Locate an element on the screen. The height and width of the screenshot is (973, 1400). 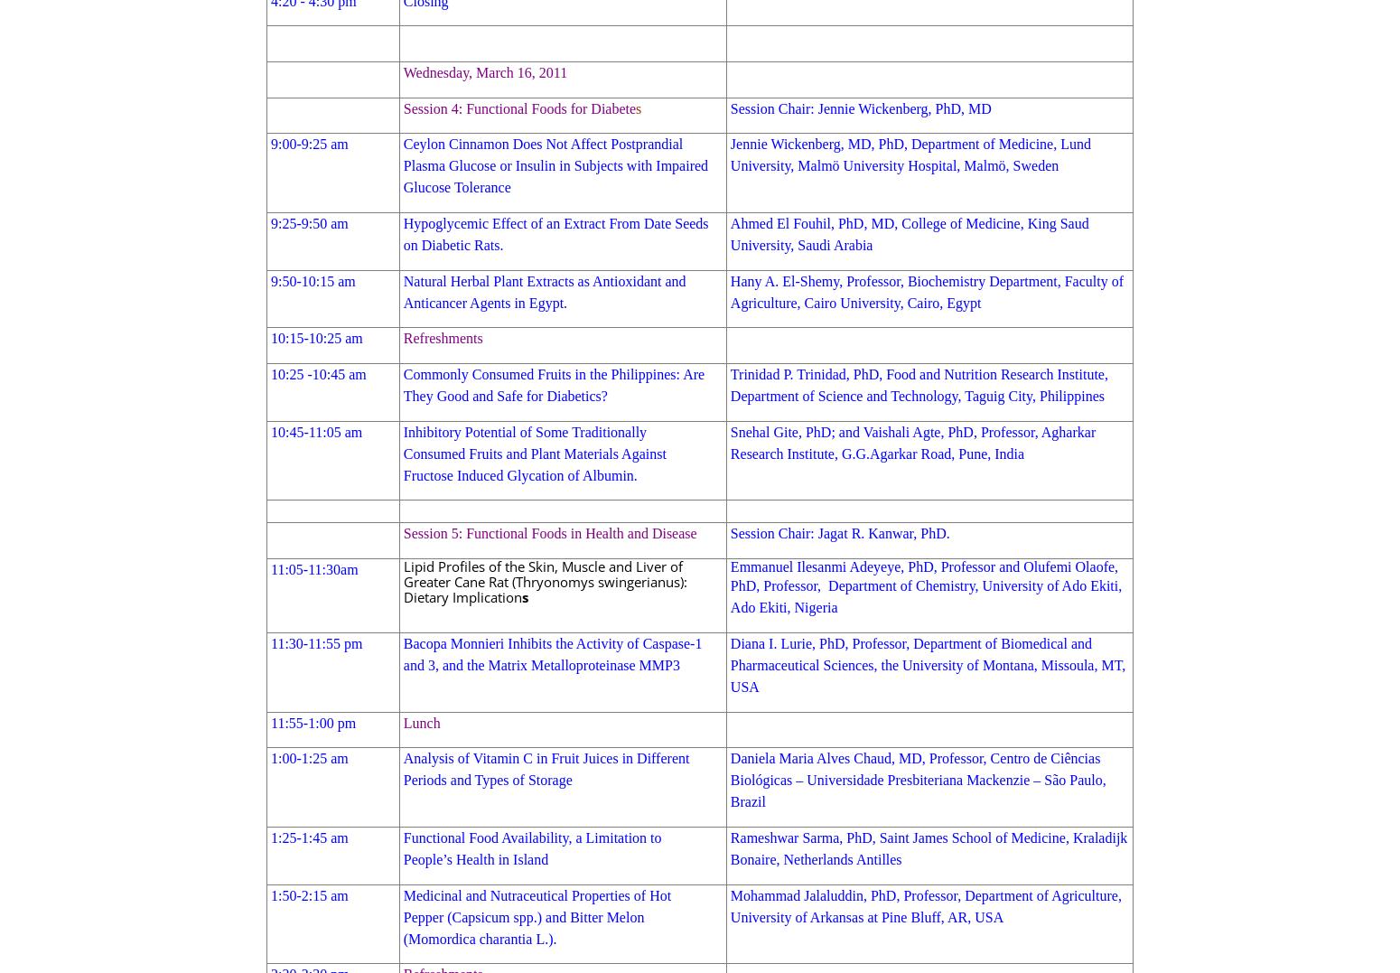
'Medicinal and Nutraceutical Properties of Hot Pepper (Capsicum spp.) and Bitter Melon (Momordica charantia L.).' is located at coordinates (537, 915).